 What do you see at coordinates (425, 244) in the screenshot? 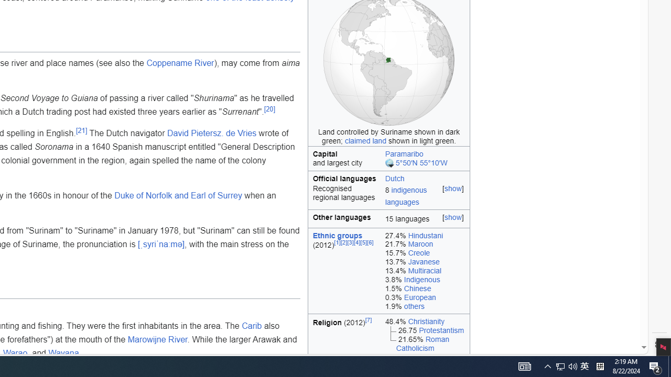
I see `'21.7% Maroon'` at bounding box center [425, 244].